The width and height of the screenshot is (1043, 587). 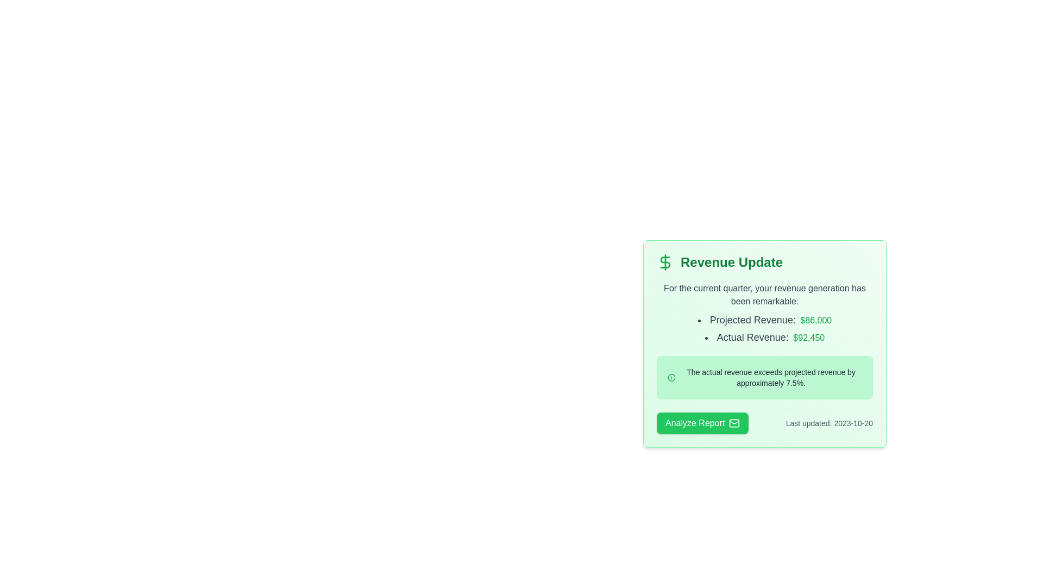 What do you see at coordinates (764, 337) in the screenshot?
I see `the text label displaying 'Actual Revenue: $92,450' which is the second item in a bulleted list within the 'Revenue Update' panel` at bounding box center [764, 337].